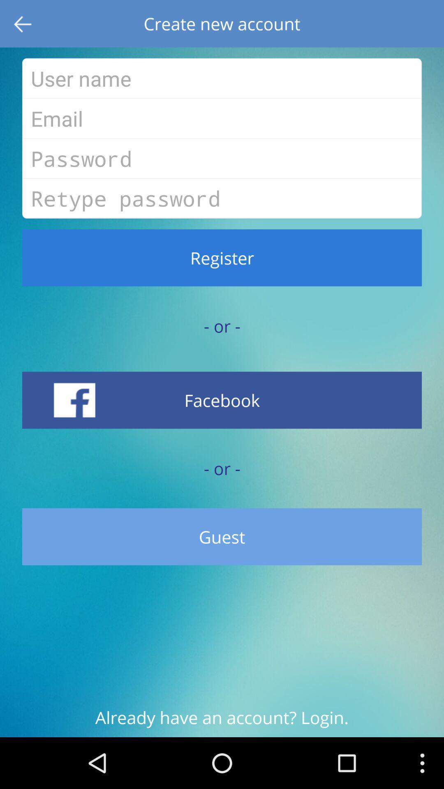 The height and width of the screenshot is (789, 444). Describe the element at coordinates (222, 198) in the screenshot. I see `retype password` at that location.